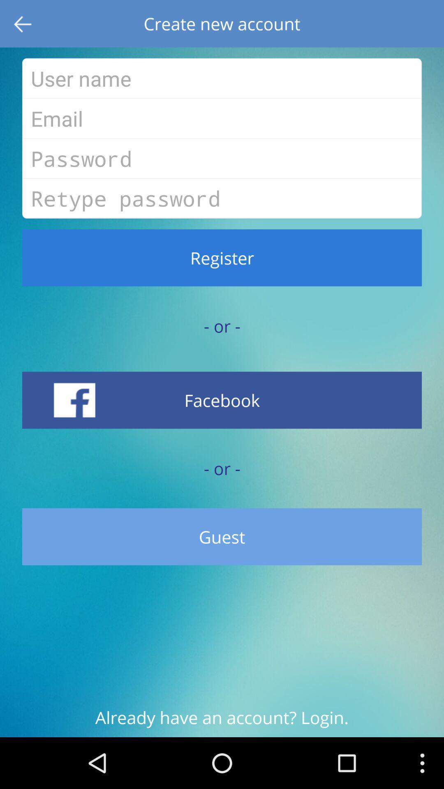 The height and width of the screenshot is (789, 444). Describe the element at coordinates (222, 198) in the screenshot. I see `retype password` at that location.